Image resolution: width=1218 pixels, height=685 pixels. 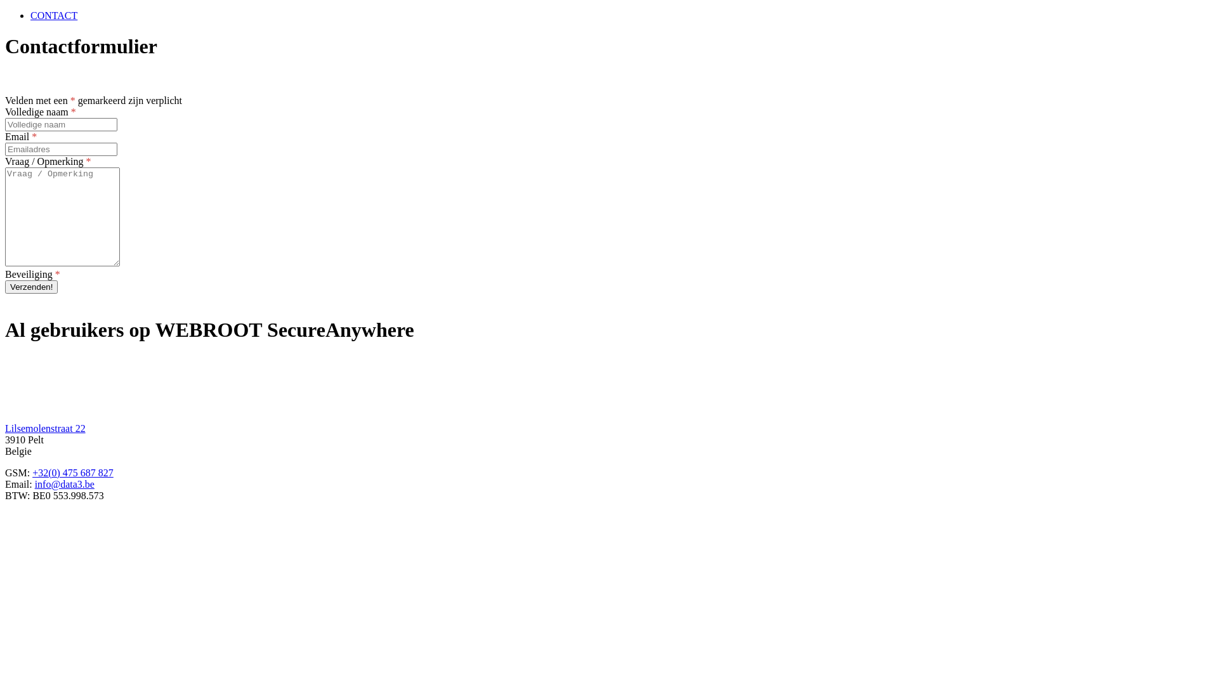 I want to click on 'Lilsemolenstraat 22', so click(x=5, y=428).